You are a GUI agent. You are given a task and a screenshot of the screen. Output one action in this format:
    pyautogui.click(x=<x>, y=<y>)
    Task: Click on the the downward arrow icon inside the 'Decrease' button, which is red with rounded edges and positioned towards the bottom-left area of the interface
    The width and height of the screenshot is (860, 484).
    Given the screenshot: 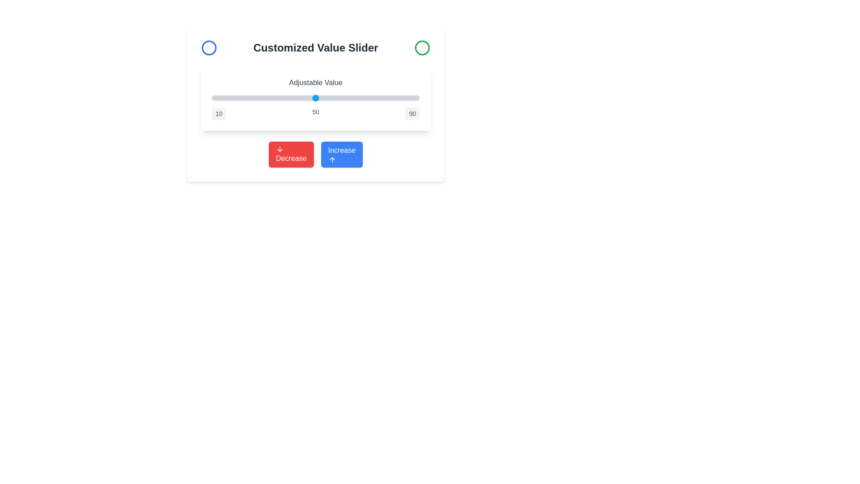 What is the action you would take?
    pyautogui.click(x=279, y=148)
    